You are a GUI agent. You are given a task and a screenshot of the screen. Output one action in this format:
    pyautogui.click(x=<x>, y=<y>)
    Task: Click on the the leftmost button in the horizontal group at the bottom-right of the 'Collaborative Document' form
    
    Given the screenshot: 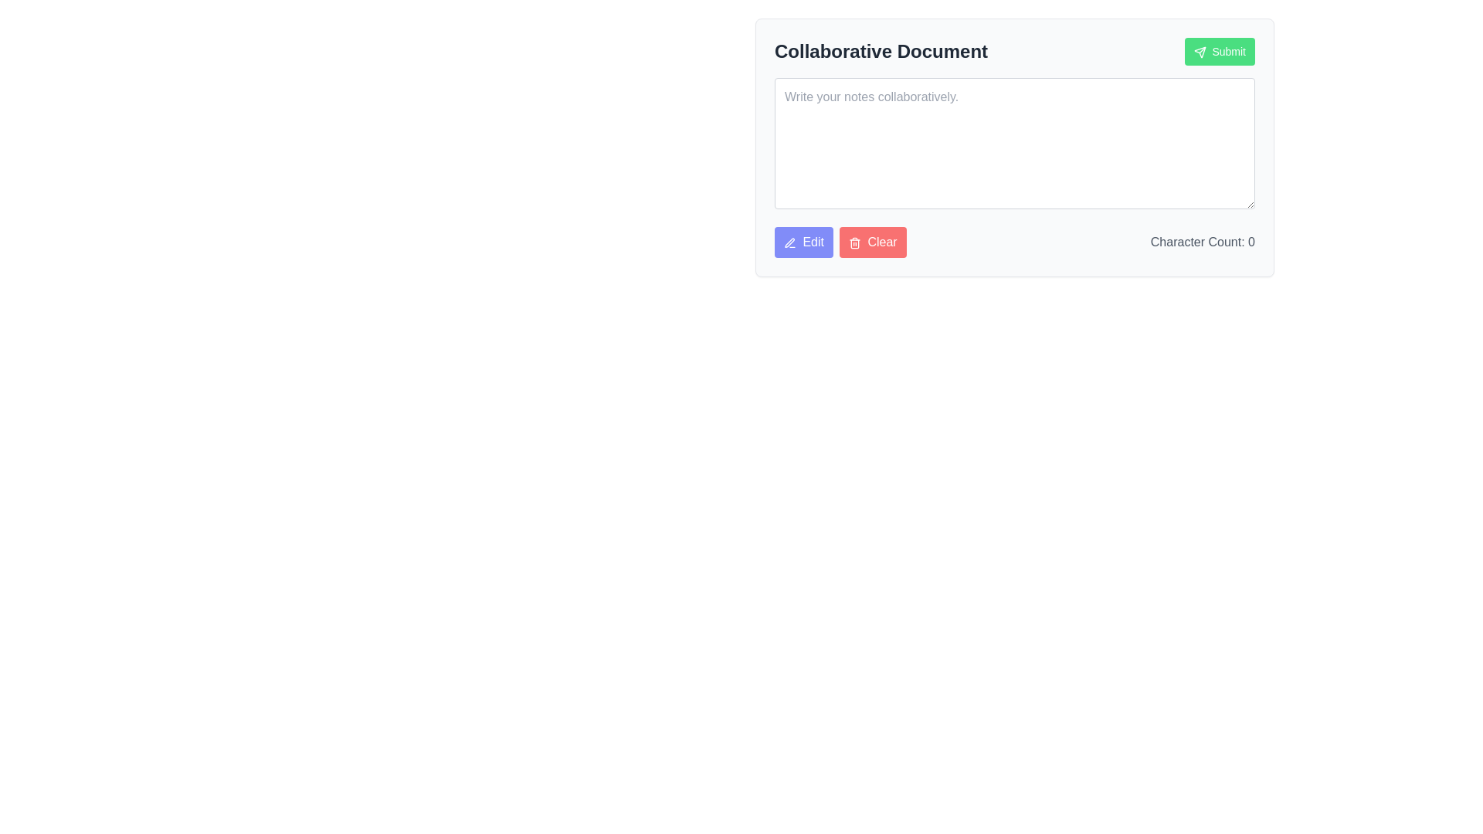 What is the action you would take?
    pyautogui.click(x=803, y=242)
    